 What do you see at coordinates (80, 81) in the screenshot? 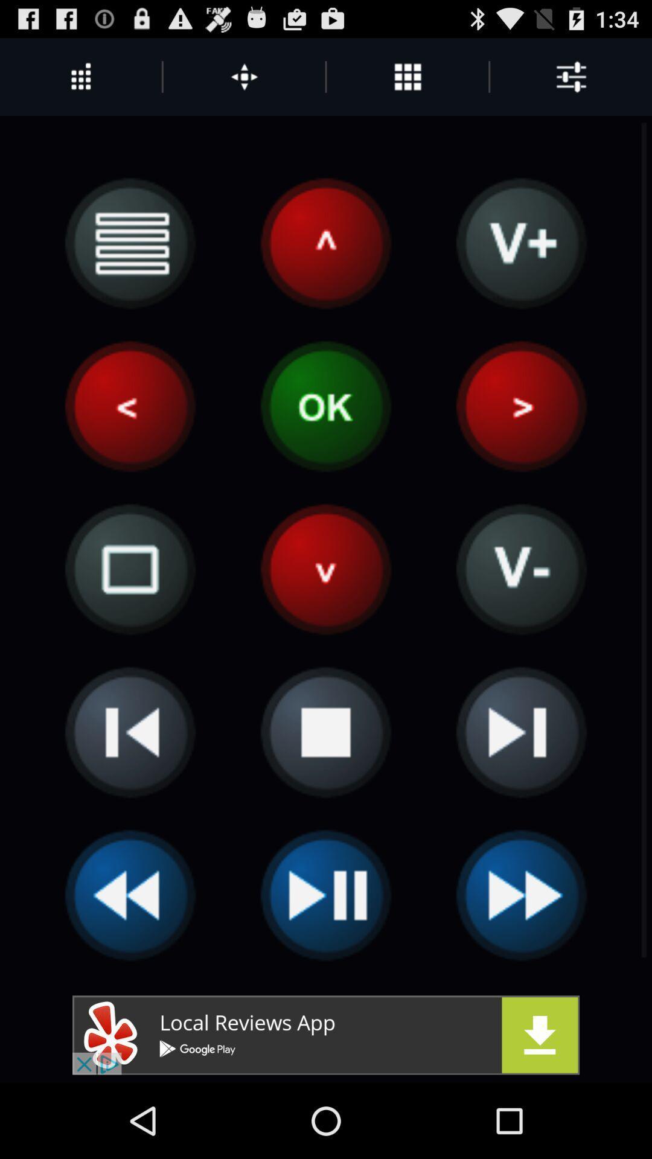
I see `the more icon` at bounding box center [80, 81].